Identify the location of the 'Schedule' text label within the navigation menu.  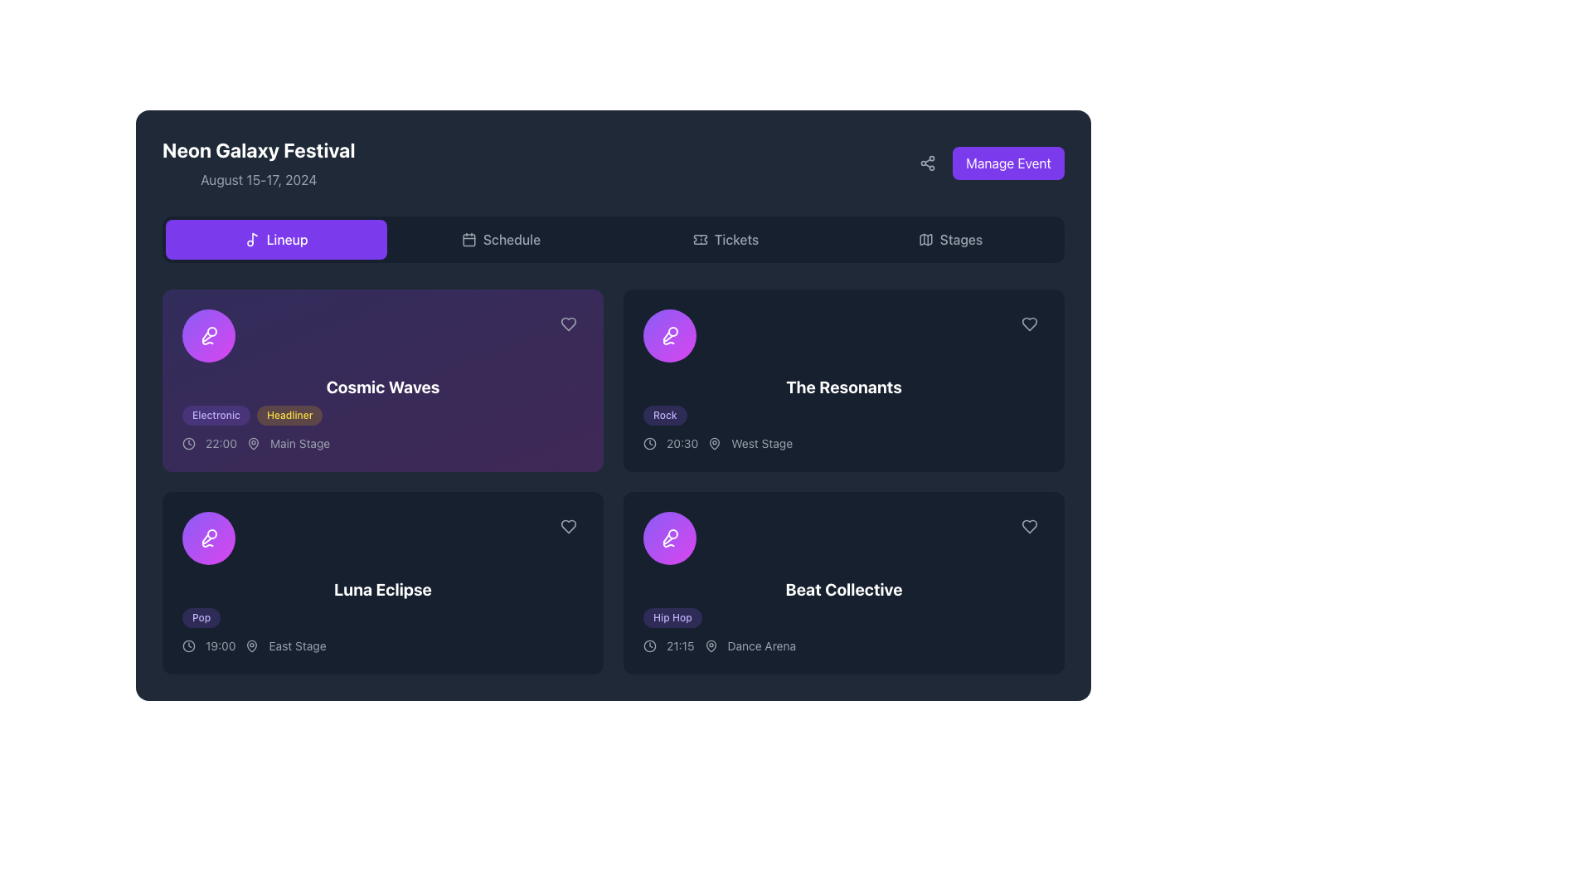
(511, 240).